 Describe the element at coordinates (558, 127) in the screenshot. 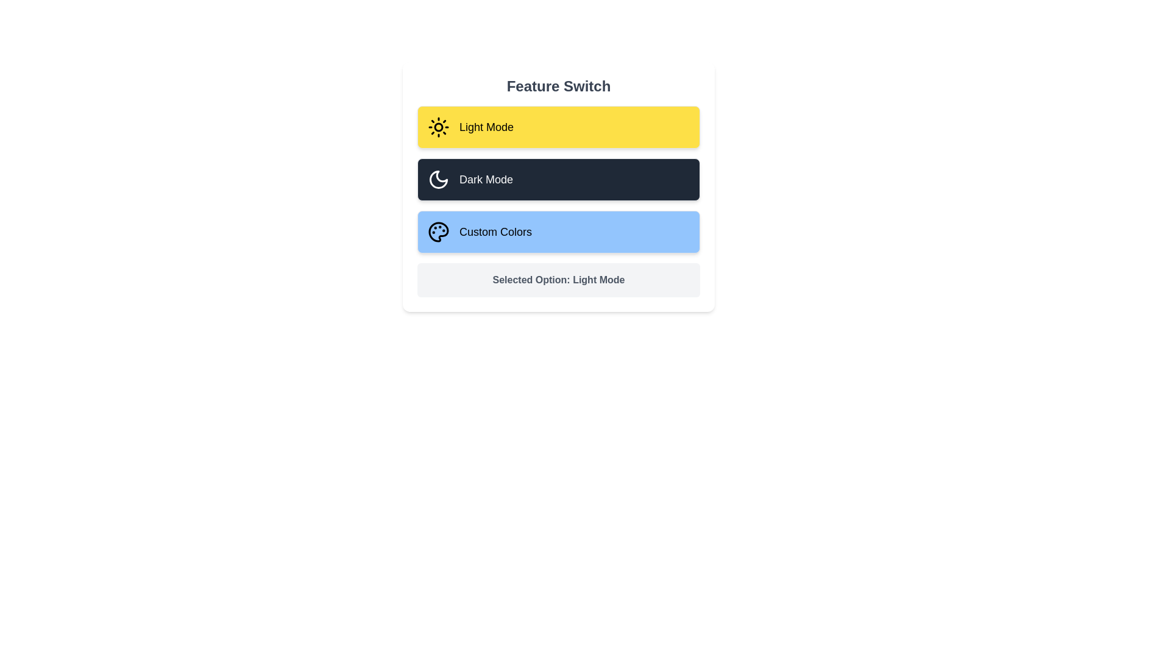

I see `the button corresponding to Light Mode` at that location.